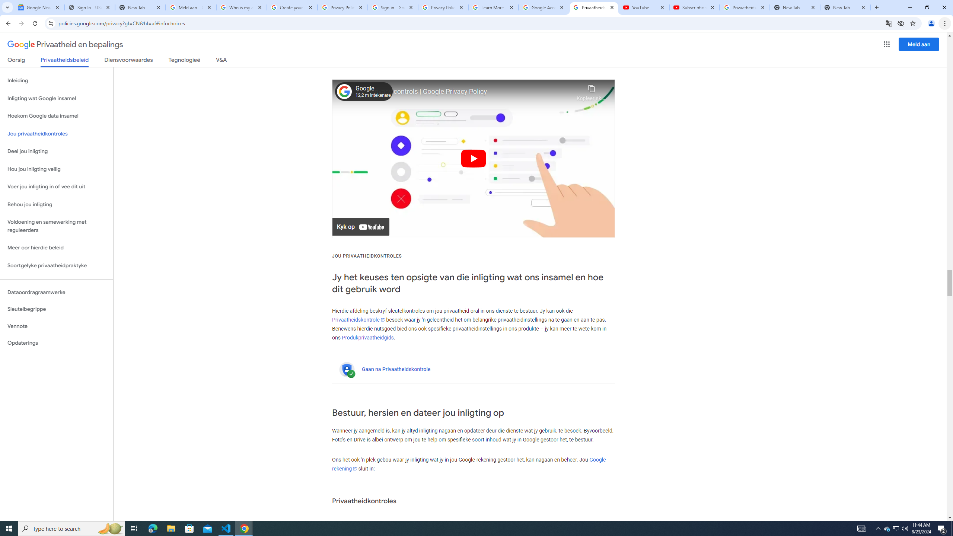 The height and width of the screenshot is (536, 953). What do you see at coordinates (473, 158) in the screenshot?
I see `'Speel'` at bounding box center [473, 158].